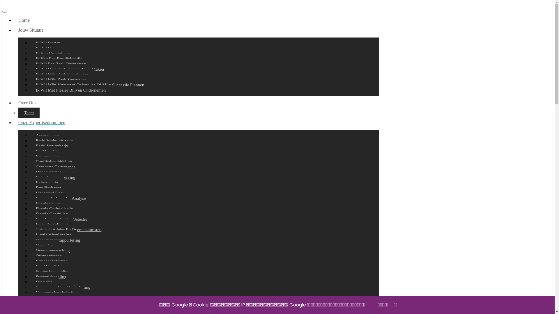  I want to click on 'Ik Wil Starten', so click(48, 42).